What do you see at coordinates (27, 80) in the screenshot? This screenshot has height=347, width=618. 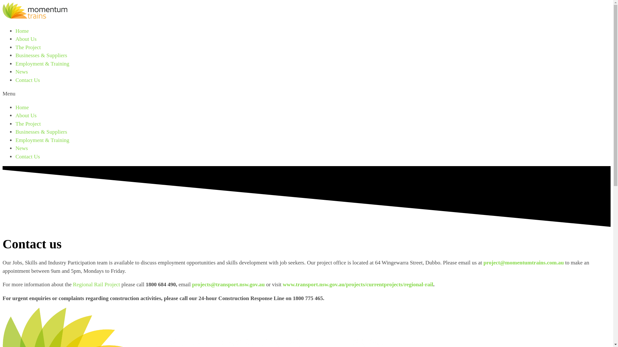 I see `'Contact Us'` at bounding box center [27, 80].